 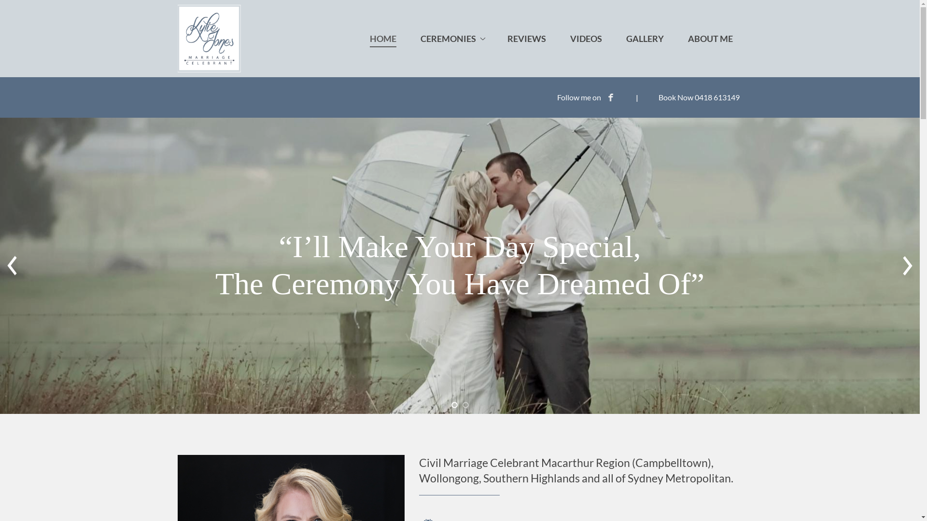 I want to click on 'VIDEOS', so click(x=585, y=38).